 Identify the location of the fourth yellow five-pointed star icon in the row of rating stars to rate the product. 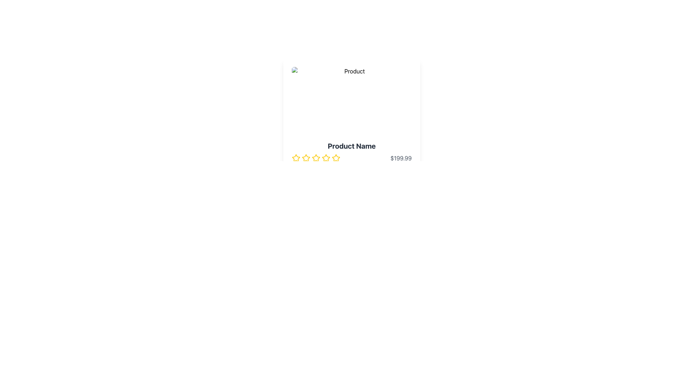
(316, 158).